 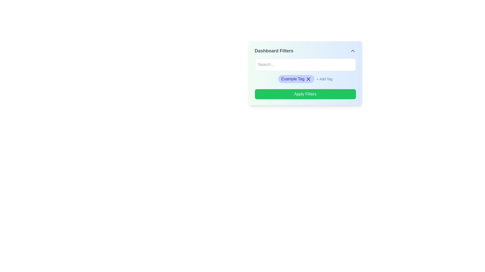 What do you see at coordinates (308, 79) in the screenshot?
I see `the small diagonal cross (X) icon that is part of an interactive control beside the text label 'Example Tag'` at bounding box center [308, 79].